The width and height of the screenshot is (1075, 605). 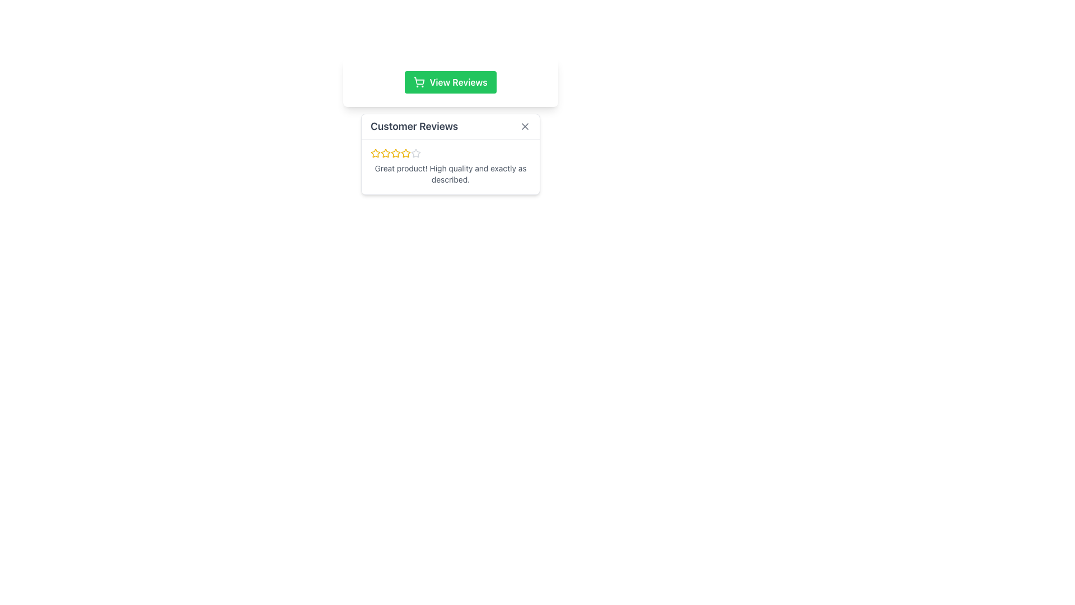 I want to click on the 'View Reviews' text on the green button to observe hover effects, so click(x=459, y=81).